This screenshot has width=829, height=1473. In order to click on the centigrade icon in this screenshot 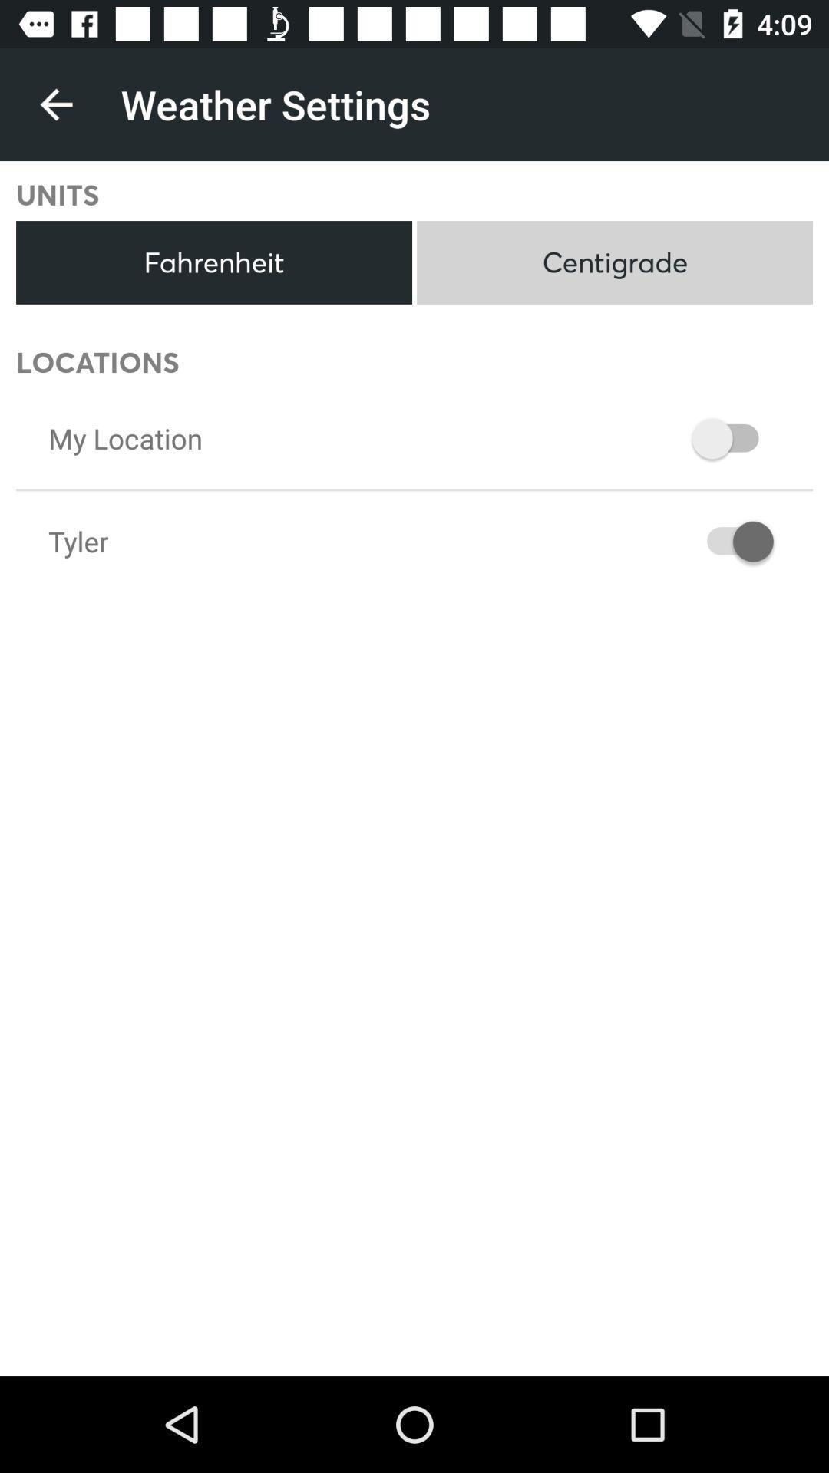, I will do `click(614, 262)`.